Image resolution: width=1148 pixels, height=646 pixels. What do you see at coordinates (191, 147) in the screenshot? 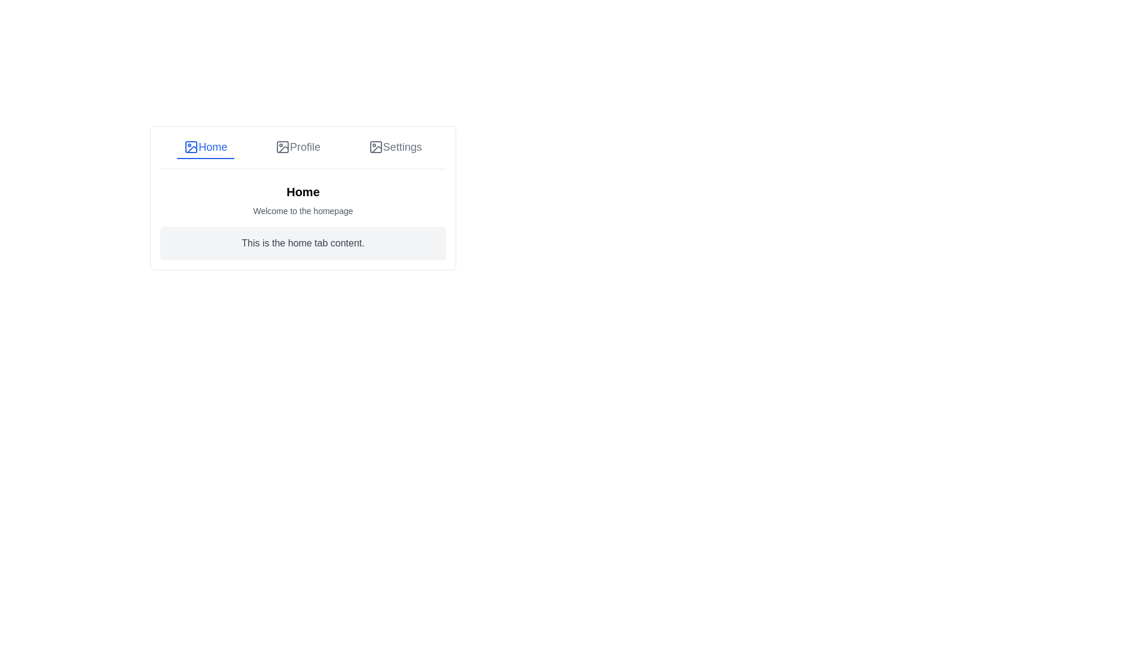
I see `the Rectangular SVG shape with rounded corners that is part of the 'Home' tab icon in the tab bar` at bounding box center [191, 147].